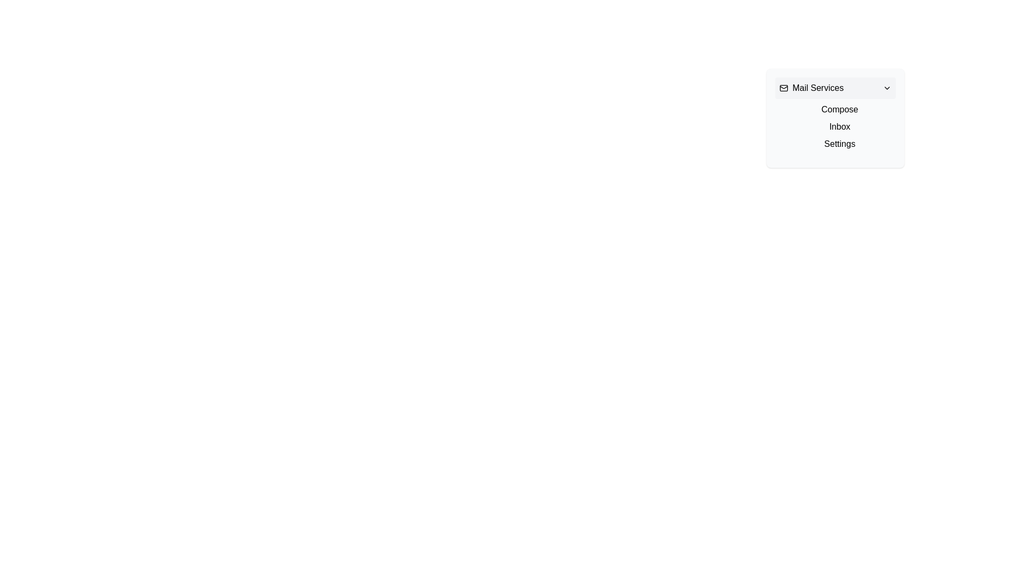  Describe the element at coordinates (839, 143) in the screenshot. I see `the third text link under the 'Mail Services' section` at that location.